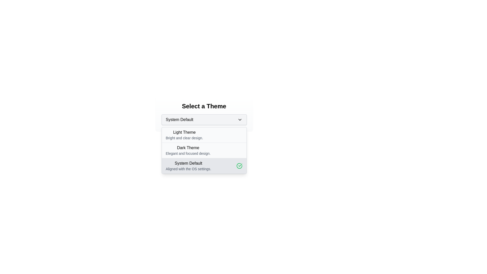 The height and width of the screenshot is (274, 487). What do you see at coordinates (184, 132) in the screenshot?
I see `text label for the 'Light Theme' option in the theme selection menu, which is the first line in the dropdown menu section` at bounding box center [184, 132].